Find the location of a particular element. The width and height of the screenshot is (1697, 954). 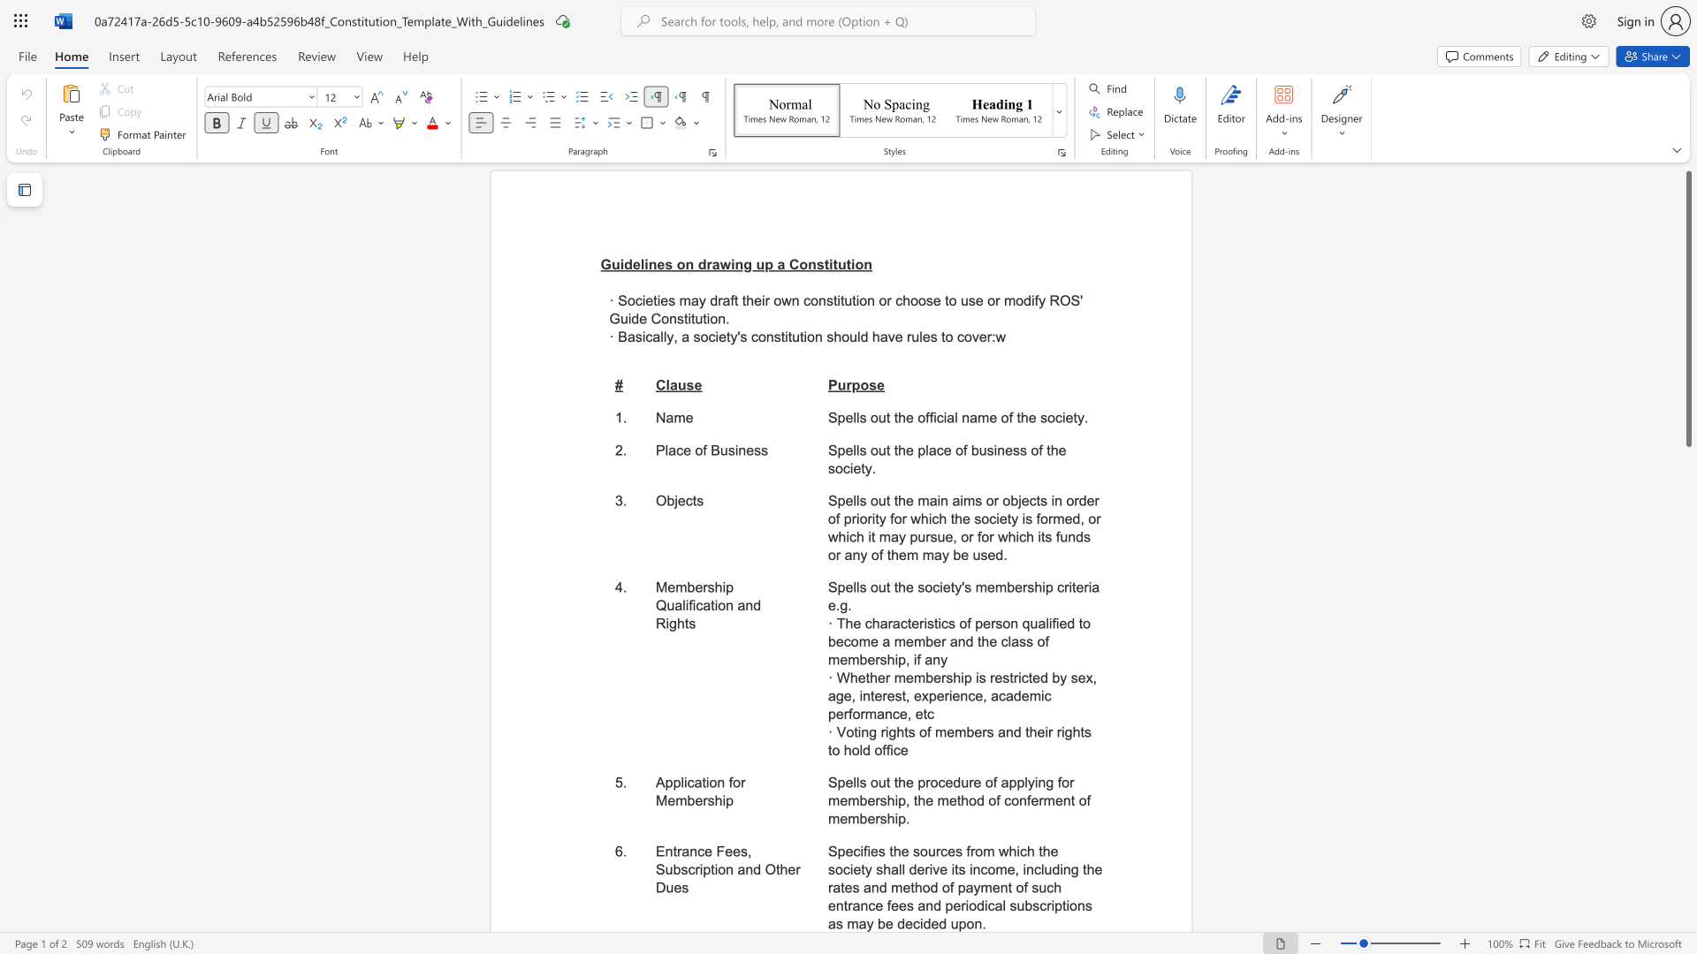

the subset text "e society shall derive its income, including the rates and method of payment of such entrance fees and periodi" within the text "Specifies the sources from which the society shall derive its income, including the rates and method of payment of such entrance fees and periodical subscriptions as may be decided upon." is located at coordinates (1050, 851).